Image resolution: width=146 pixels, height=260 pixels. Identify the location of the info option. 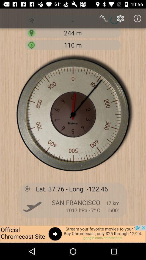
(137, 18).